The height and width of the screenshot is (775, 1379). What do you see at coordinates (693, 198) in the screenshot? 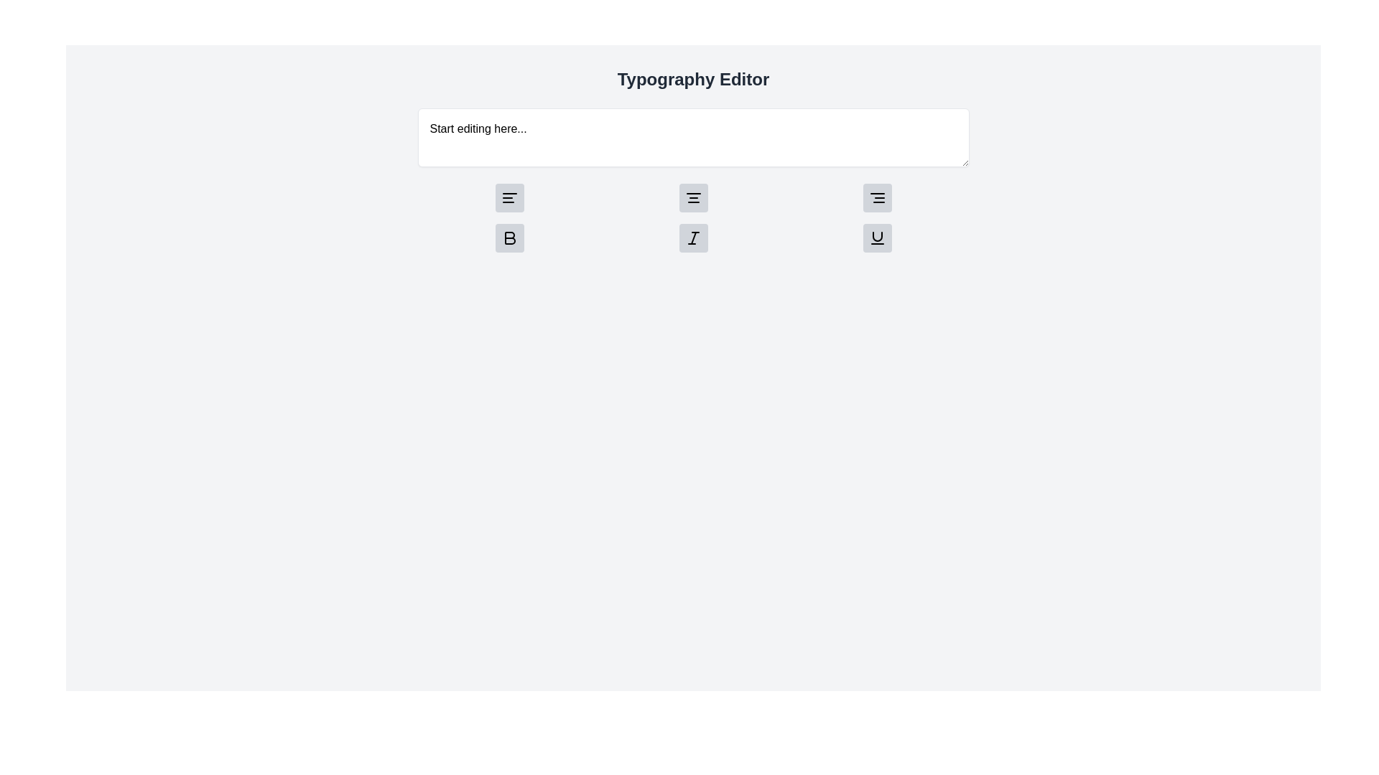
I see `the center-align text button, which is the middle button among three buttons in a row` at bounding box center [693, 198].